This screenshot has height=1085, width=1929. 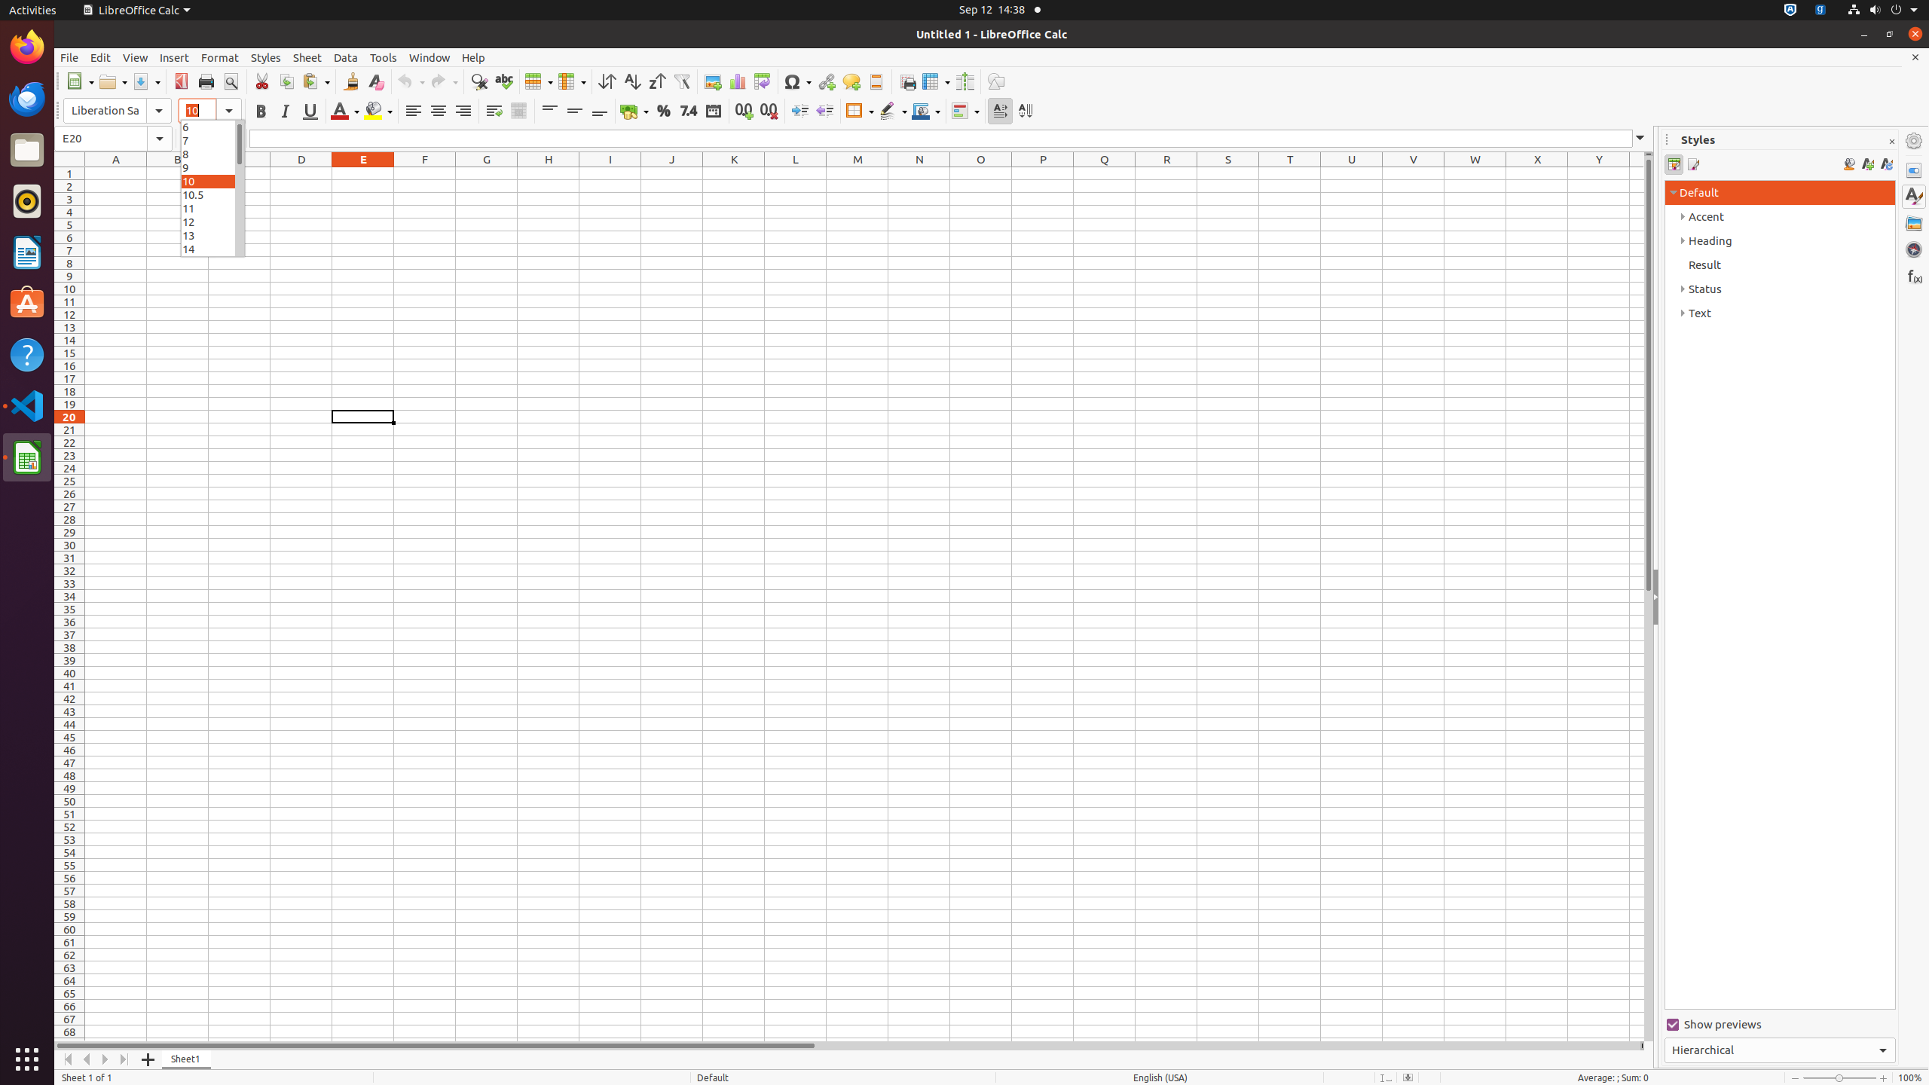 What do you see at coordinates (1105, 173) in the screenshot?
I see `'Q1'` at bounding box center [1105, 173].